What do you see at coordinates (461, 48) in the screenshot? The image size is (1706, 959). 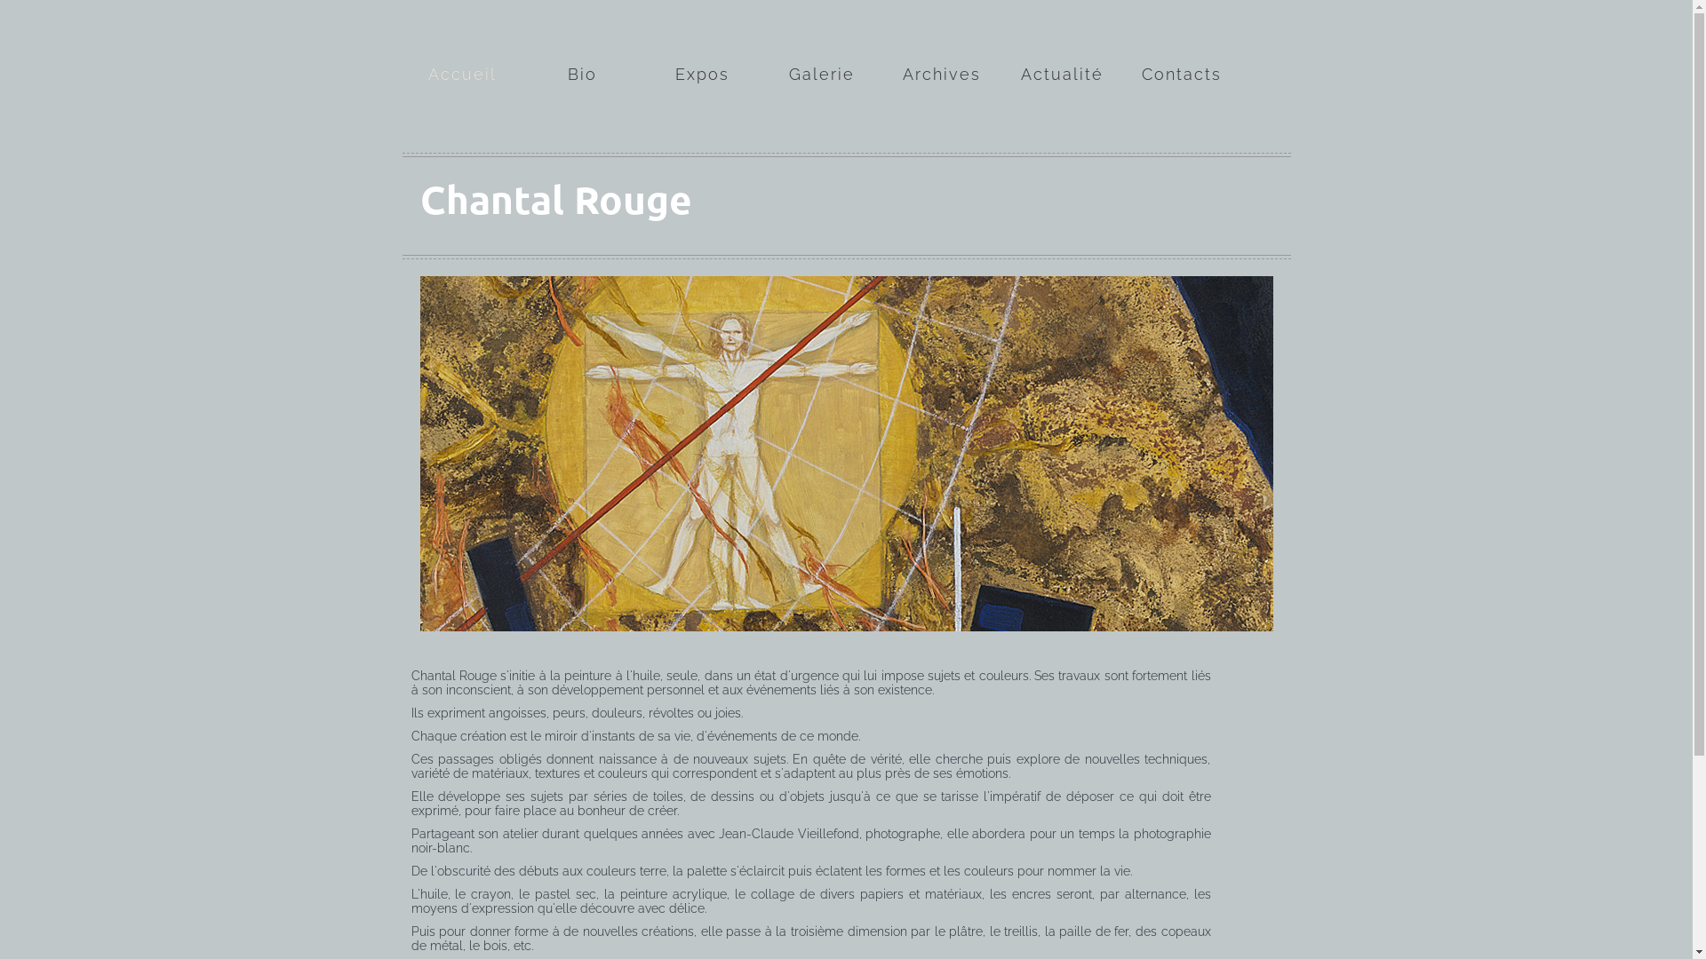 I see `'Accueil'` at bounding box center [461, 48].